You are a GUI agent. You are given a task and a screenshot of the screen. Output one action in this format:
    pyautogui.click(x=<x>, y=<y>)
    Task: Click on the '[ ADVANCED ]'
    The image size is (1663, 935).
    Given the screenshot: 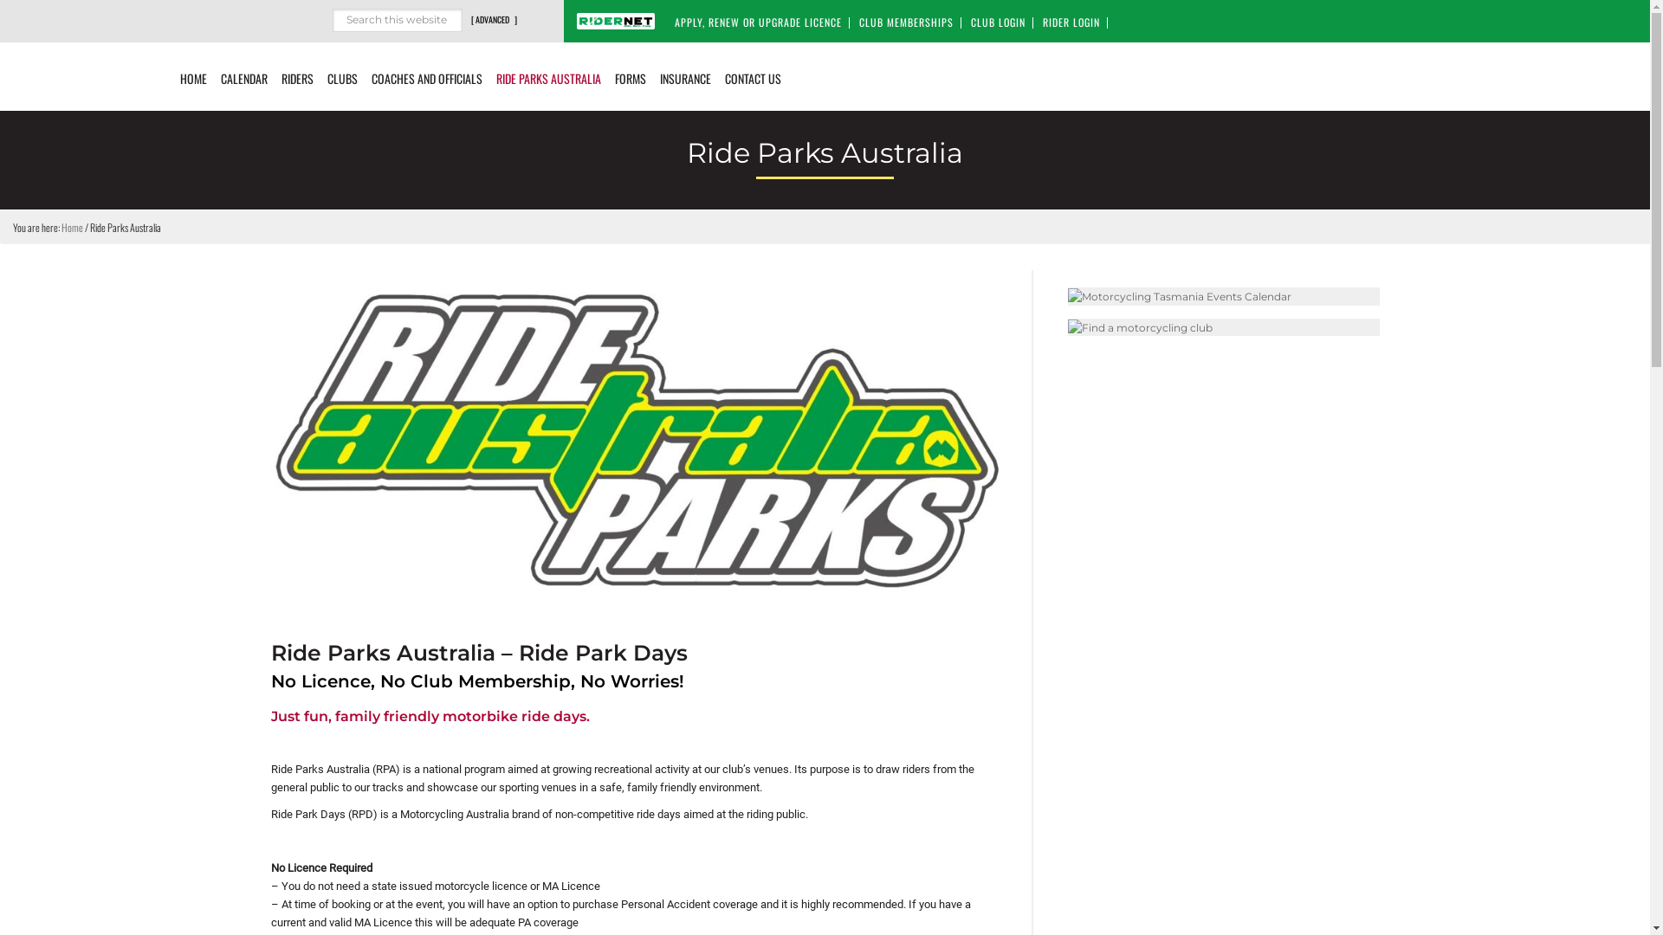 What is the action you would take?
    pyautogui.click(x=470, y=20)
    